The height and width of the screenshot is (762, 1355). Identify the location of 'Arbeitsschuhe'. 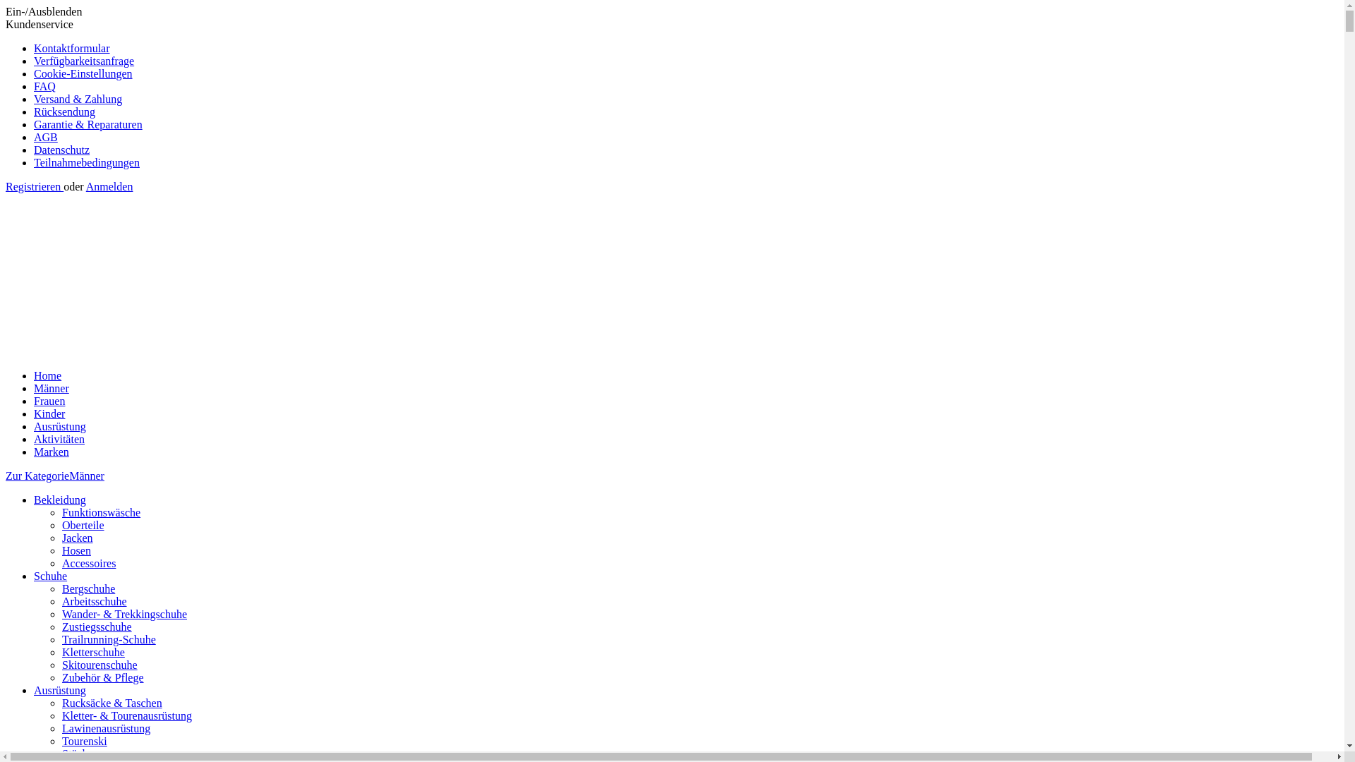
(94, 601).